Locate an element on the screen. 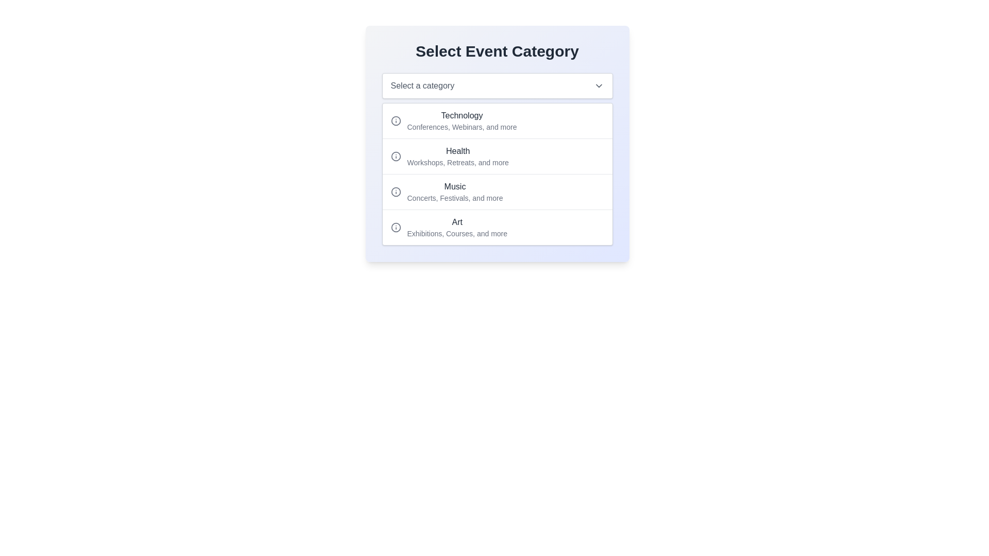  the centered title in bold font displaying 'Select Event Category' at the top center of the rounded, gradient-filled card is located at coordinates (497, 51).